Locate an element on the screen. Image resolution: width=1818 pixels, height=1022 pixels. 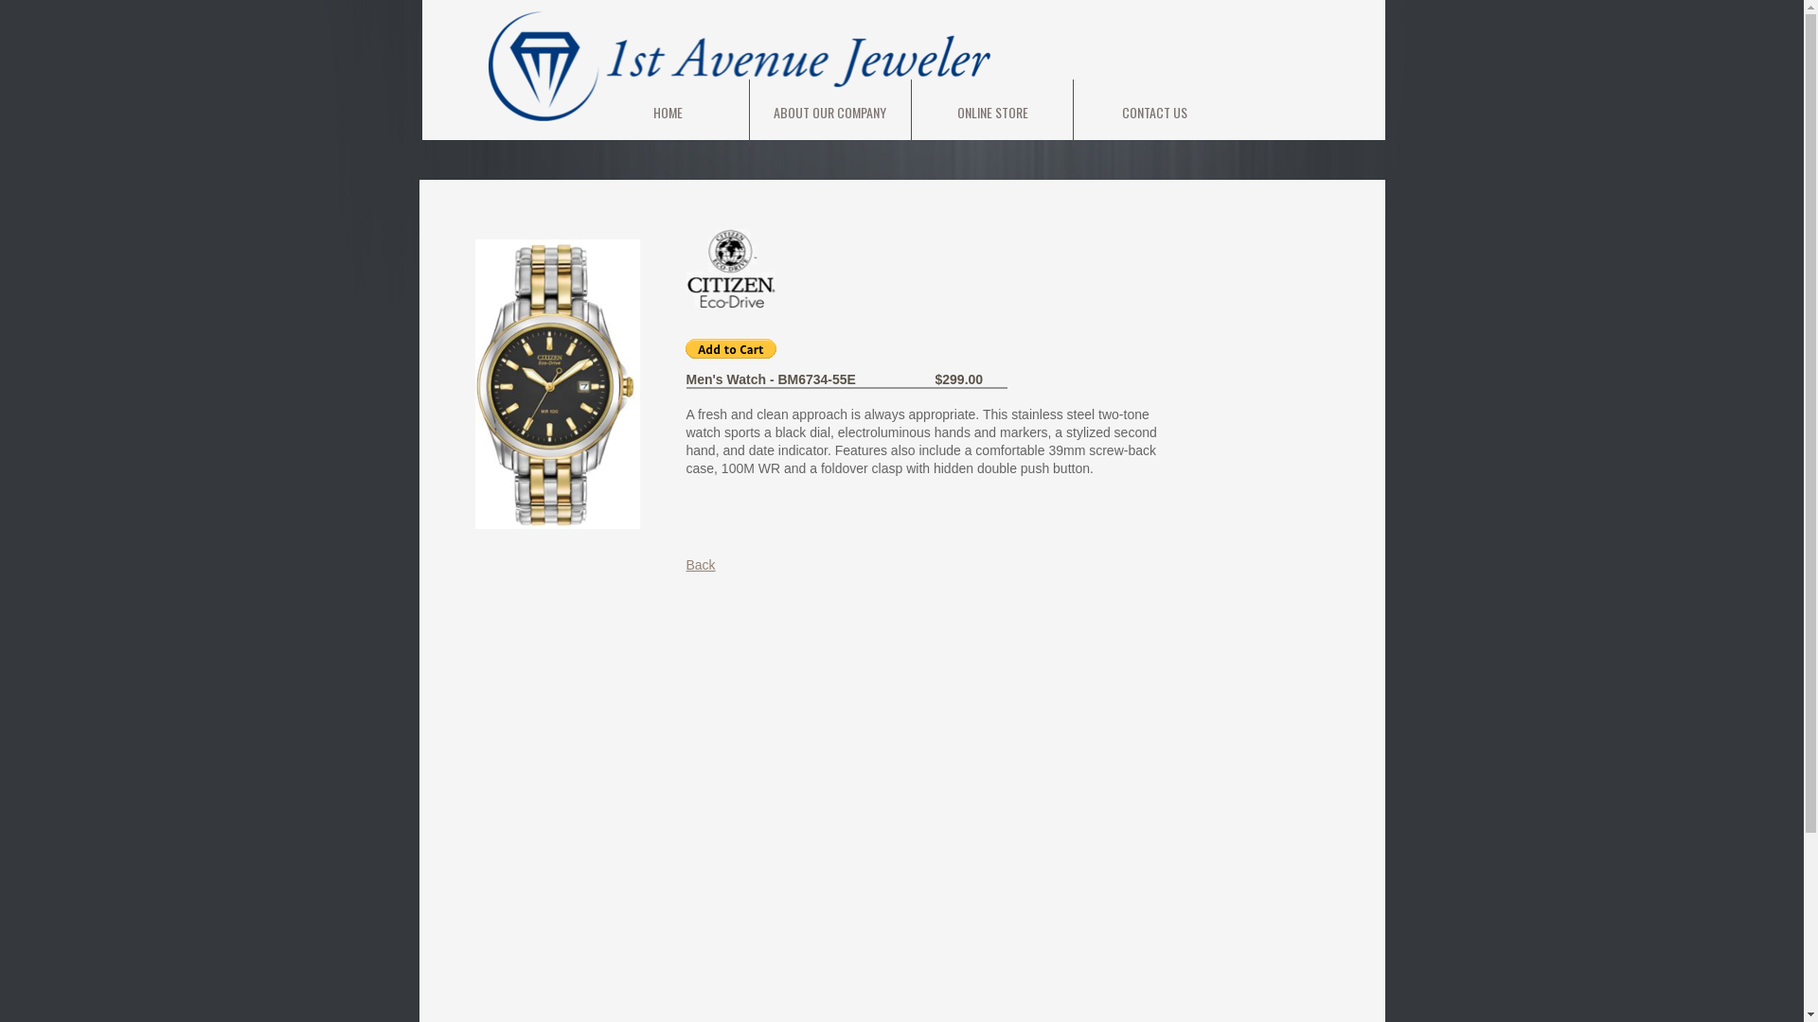
'ONLINE STORE' is located at coordinates (991, 112).